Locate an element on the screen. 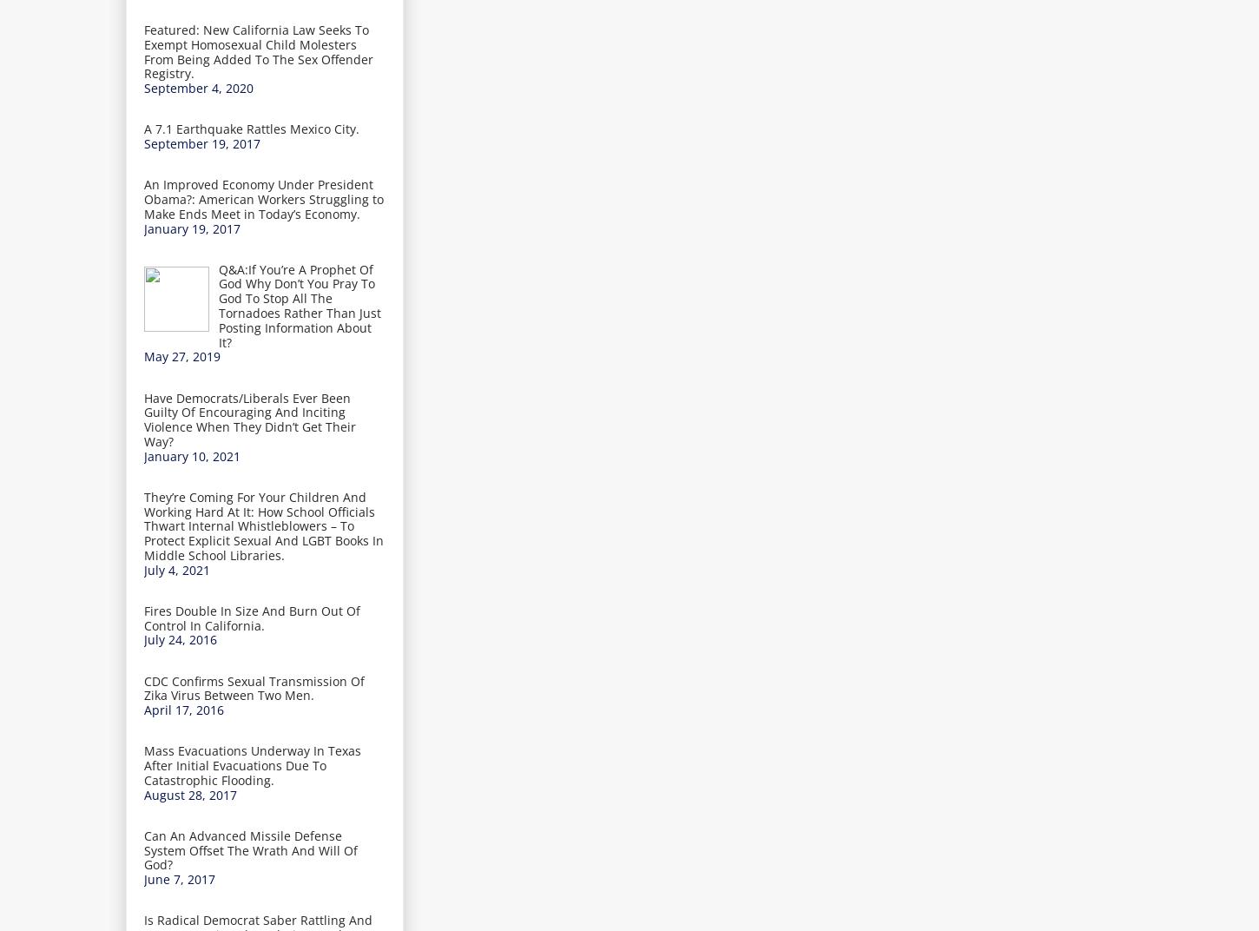 The width and height of the screenshot is (1259, 931). 'April 17, 2016' is located at coordinates (182, 709).